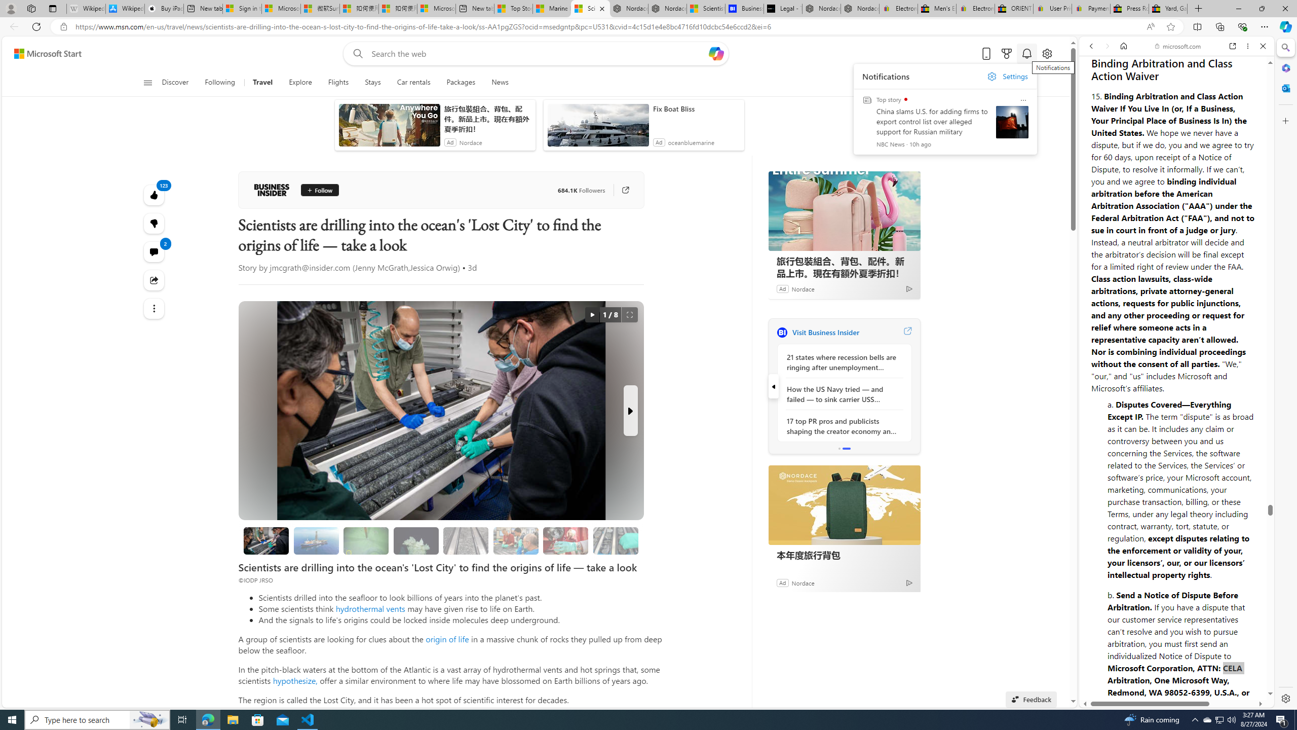  Describe the element at coordinates (716, 53) in the screenshot. I see `'Open Copilot'` at that location.